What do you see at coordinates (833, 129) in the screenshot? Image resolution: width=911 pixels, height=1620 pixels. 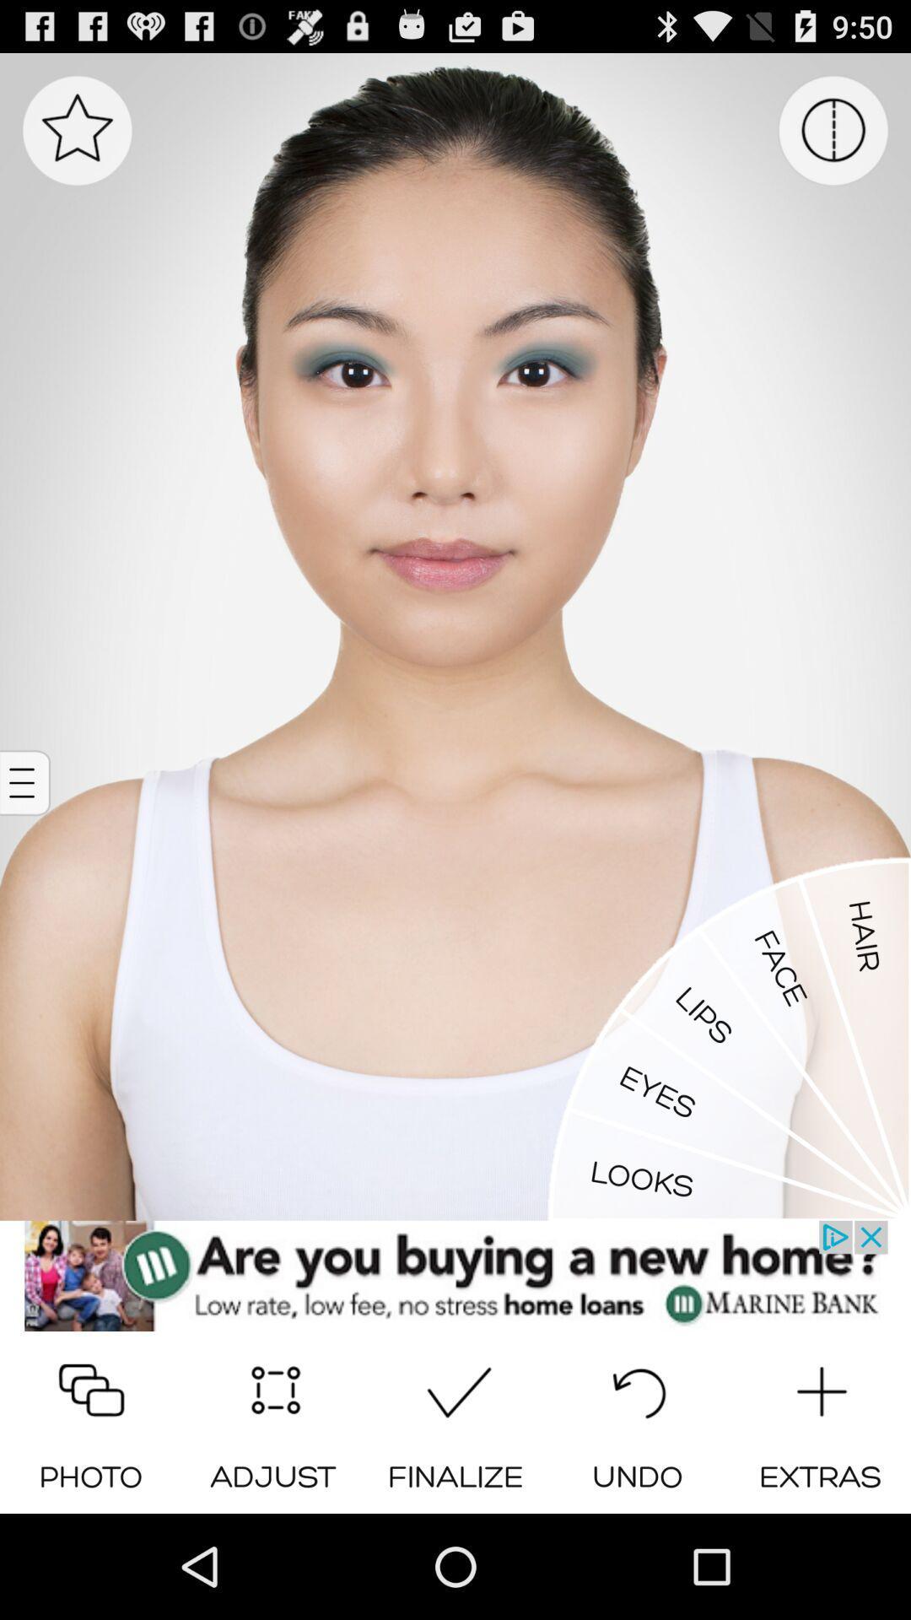 I see `the icon which is in the top right corner of the page` at bounding box center [833, 129].